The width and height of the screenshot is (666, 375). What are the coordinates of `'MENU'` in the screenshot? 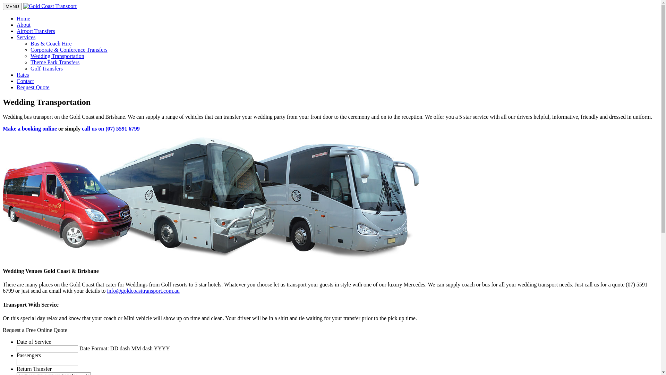 It's located at (12, 6).